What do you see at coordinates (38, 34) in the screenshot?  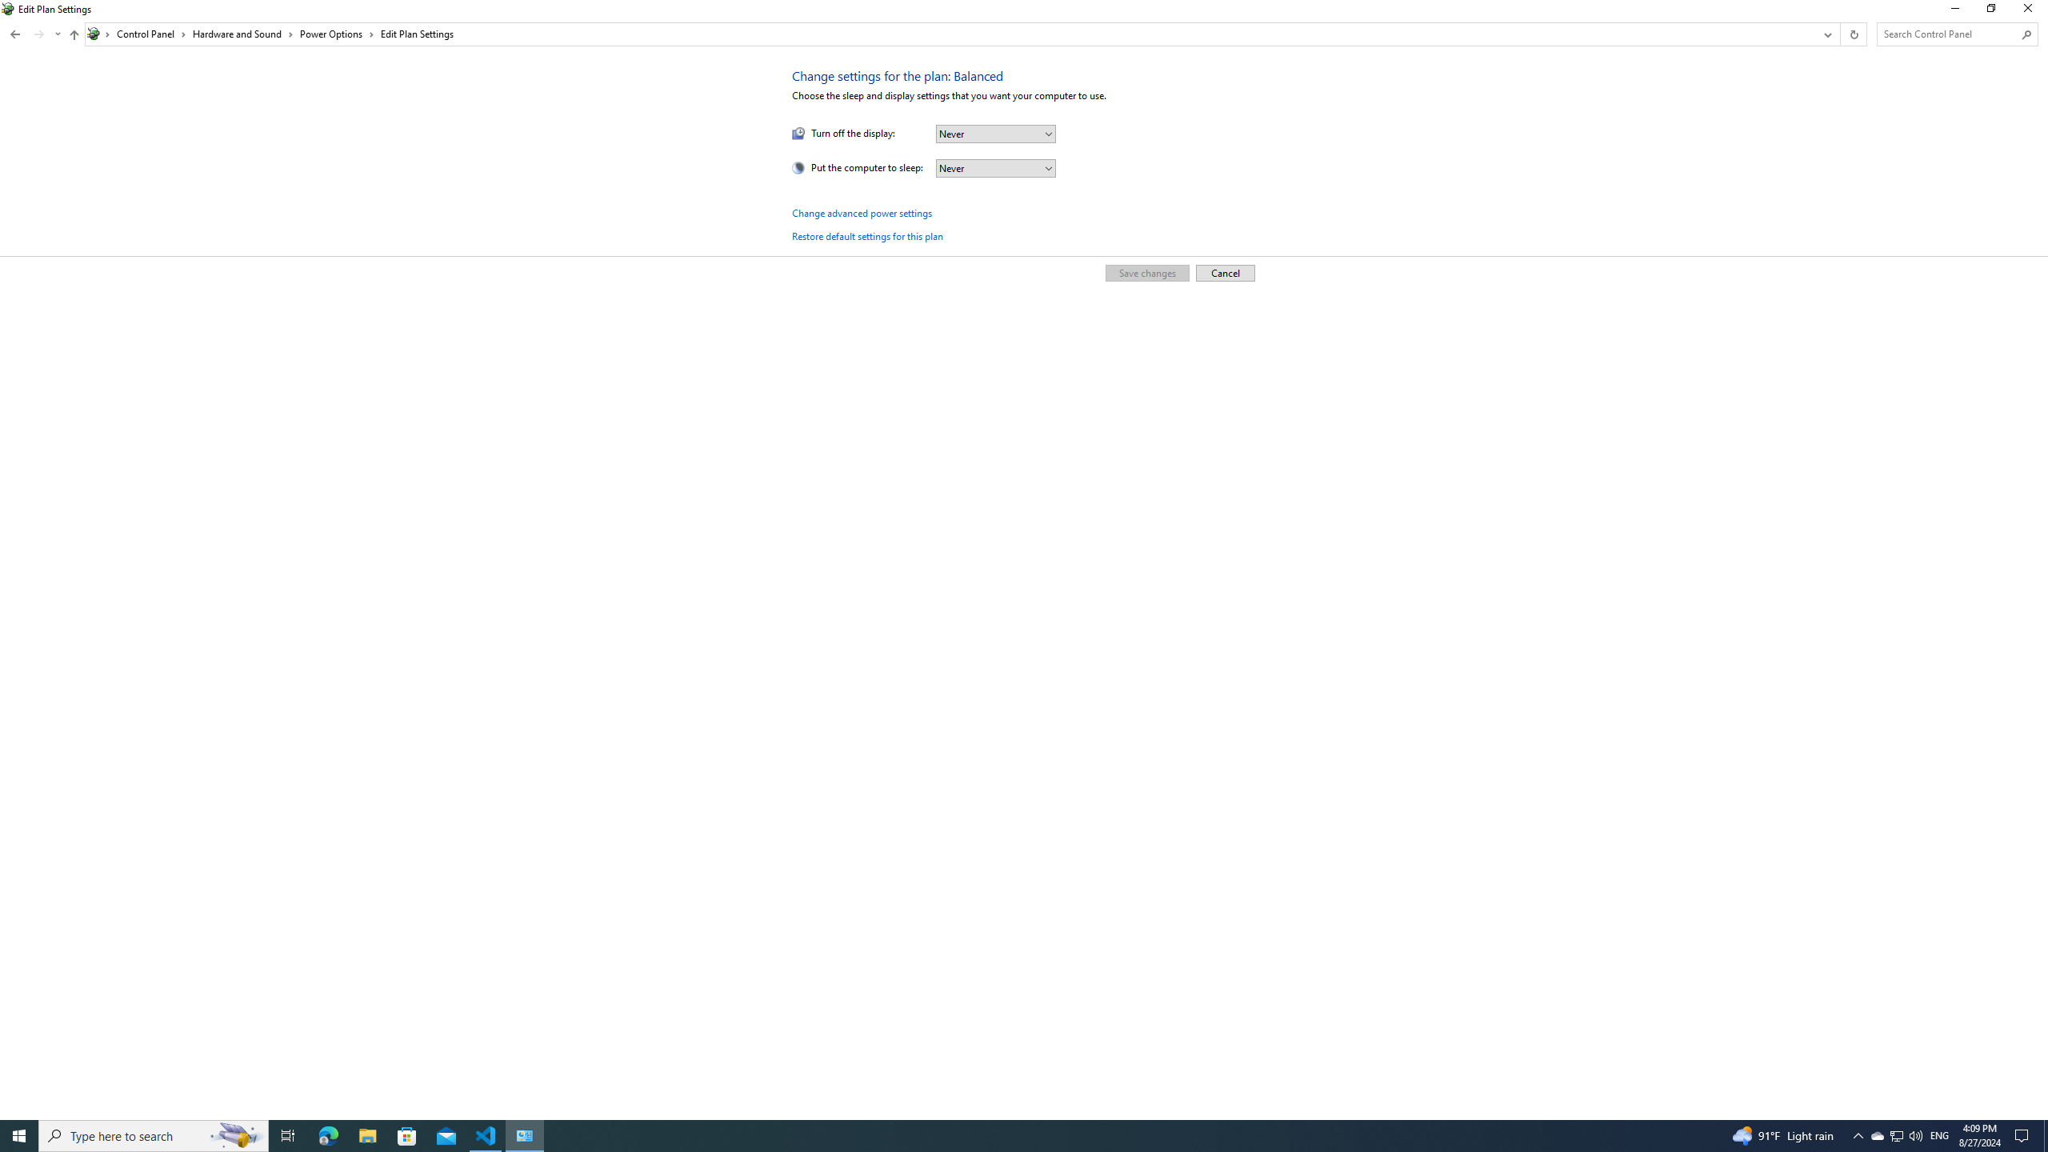 I see `'Recent locations'` at bounding box center [38, 34].